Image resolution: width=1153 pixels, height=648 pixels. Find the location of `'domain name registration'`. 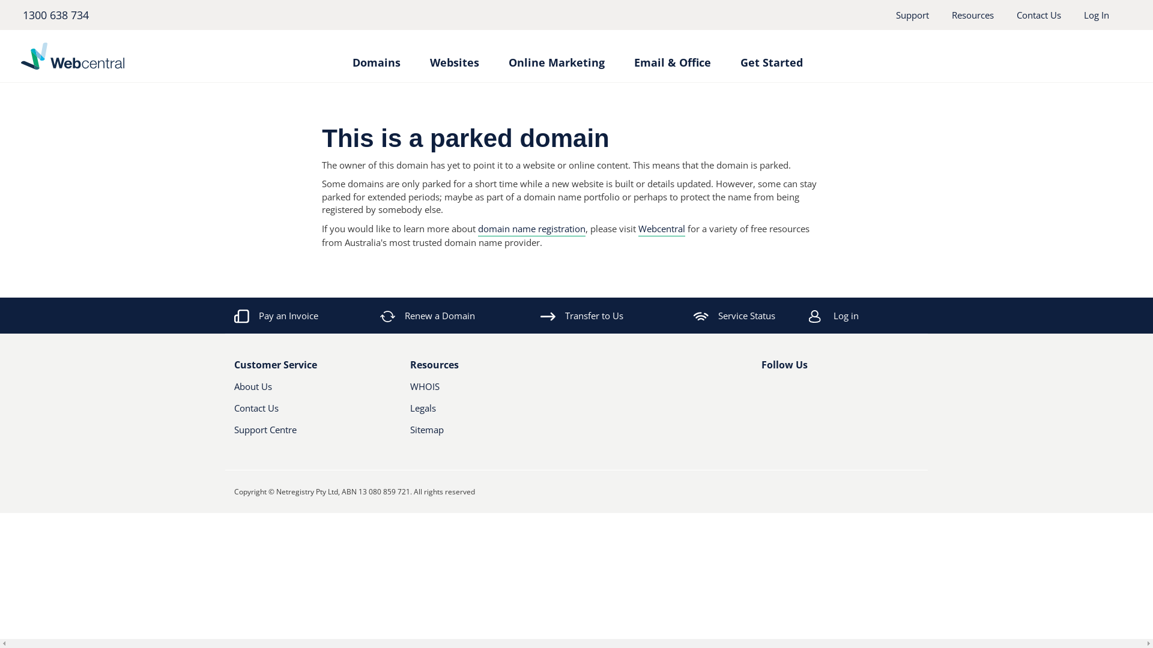

'domain name registration' is located at coordinates (531, 229).